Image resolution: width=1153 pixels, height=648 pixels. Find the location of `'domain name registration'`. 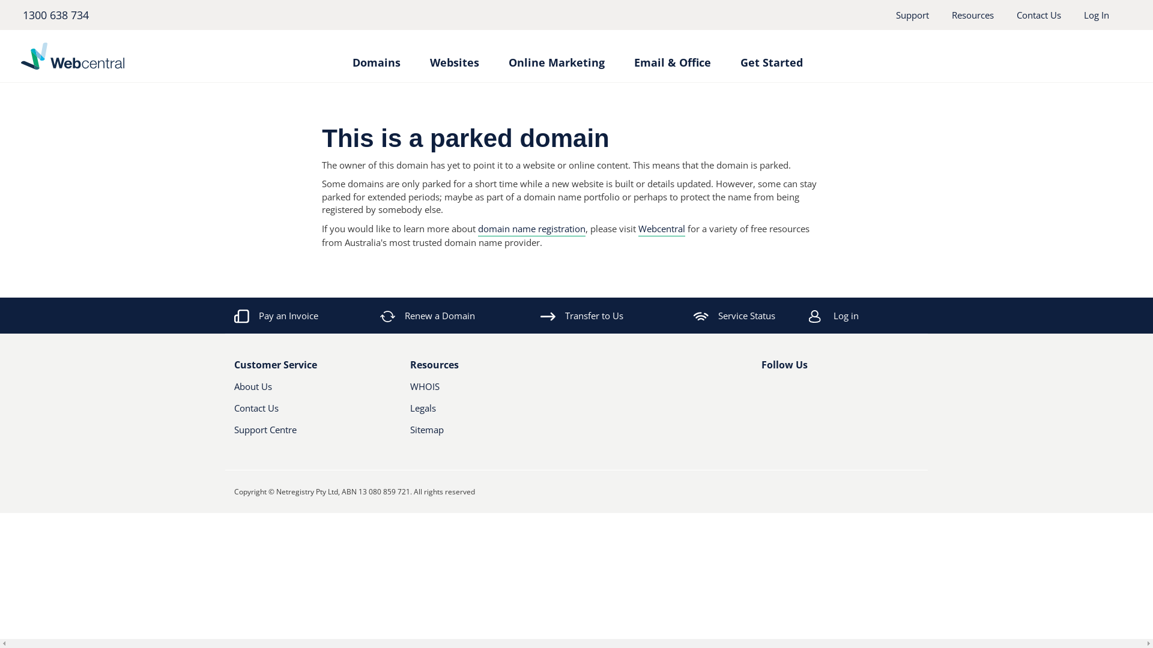

'domain name registration' is located at coordinates (531, 229).